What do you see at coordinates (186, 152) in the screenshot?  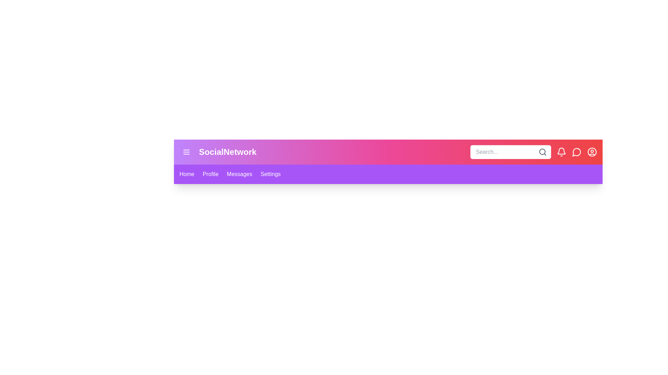 I see `the icons: menu` at bounding box center [186, 152].